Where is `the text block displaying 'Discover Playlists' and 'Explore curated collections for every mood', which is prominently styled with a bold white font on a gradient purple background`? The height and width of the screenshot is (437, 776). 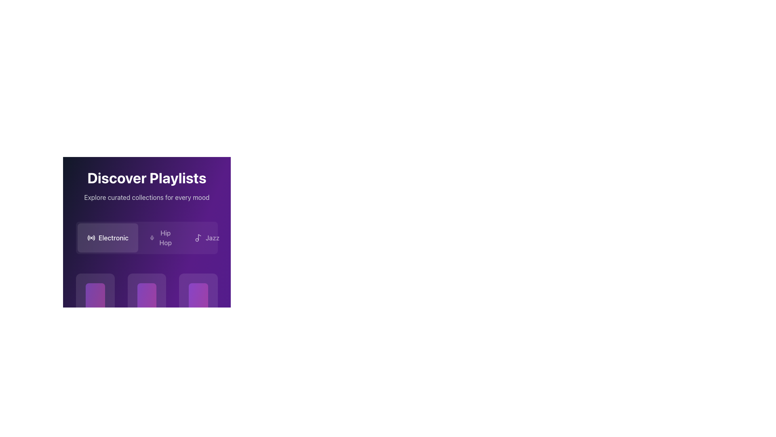
the text block displaying 'Discover Playlists' and 'Explore curated collections for every mood', which is prominently styled with a bold white font on a gradient purple background is located at coordinates (147, 186).